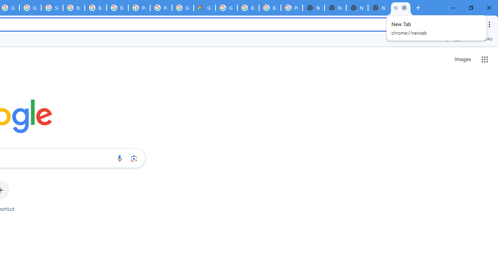 The width and height of the screenshot is (498, 280). Describe the element at coordinates (401, 8) in the screenshot. I see `'New Tab'` at that location.